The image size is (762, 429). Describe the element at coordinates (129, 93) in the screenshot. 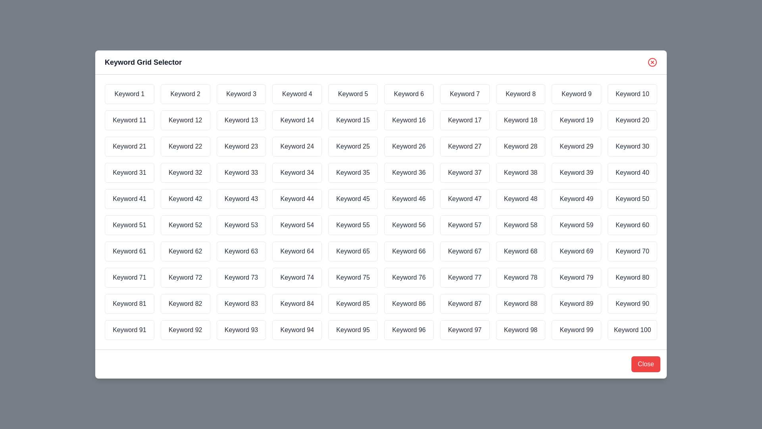

I see `the keyword Keyword 1 to observe its highlighting effect` at that location.